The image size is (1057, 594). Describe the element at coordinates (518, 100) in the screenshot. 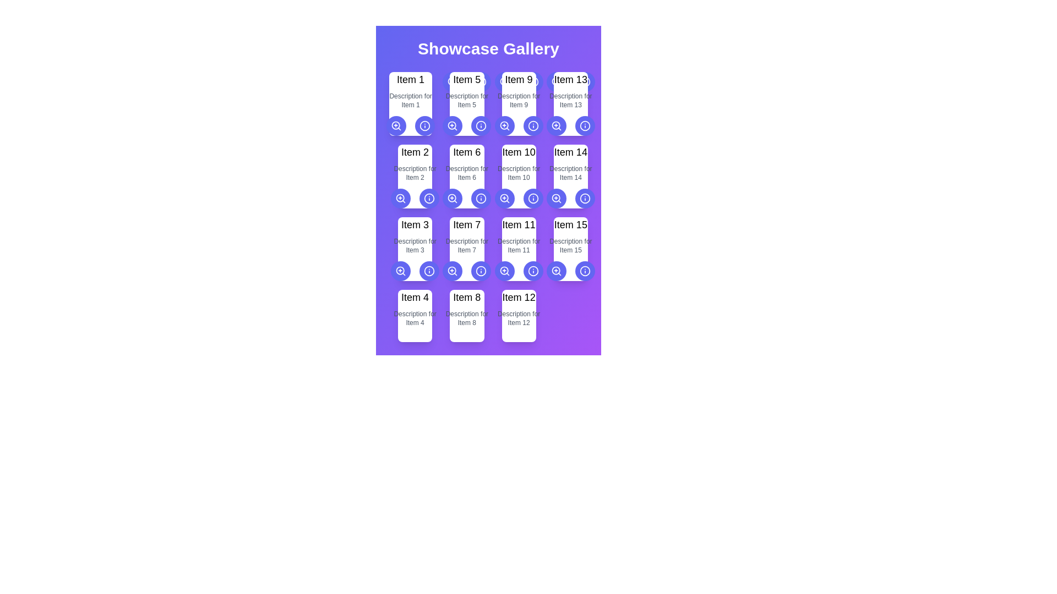

I see `the static text label displaying 'Description for Item 9', which is located below the bold title 'Item 9' in the gallery grid layout` at that location.